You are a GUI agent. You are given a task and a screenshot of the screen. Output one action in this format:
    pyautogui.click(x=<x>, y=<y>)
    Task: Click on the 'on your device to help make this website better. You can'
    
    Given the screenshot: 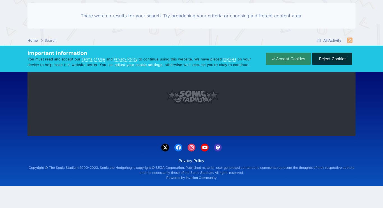 What is the action you would take?
    pyautogui.click(x=27, y=61)
    